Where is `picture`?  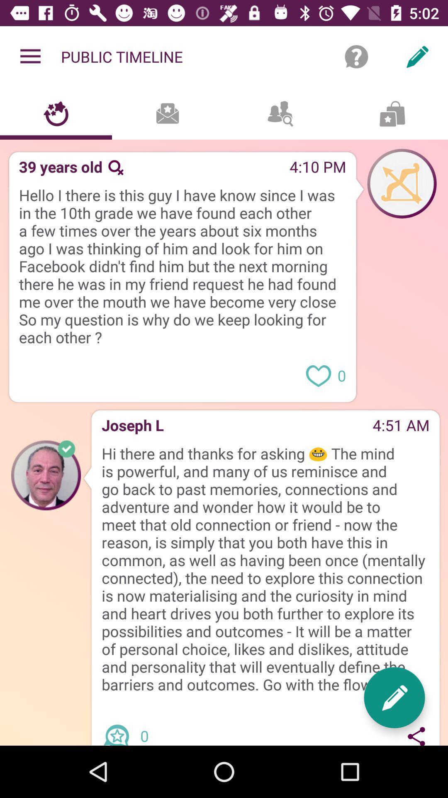
picture is located at coordinates (46, 475).